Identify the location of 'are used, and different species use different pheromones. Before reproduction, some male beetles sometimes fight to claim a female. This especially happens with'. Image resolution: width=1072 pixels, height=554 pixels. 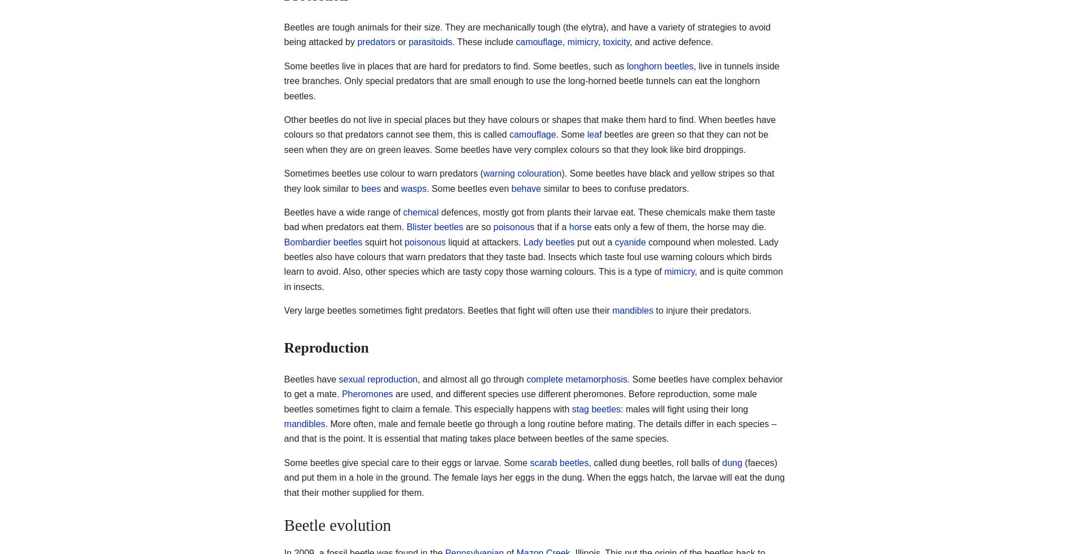
(520, 401).